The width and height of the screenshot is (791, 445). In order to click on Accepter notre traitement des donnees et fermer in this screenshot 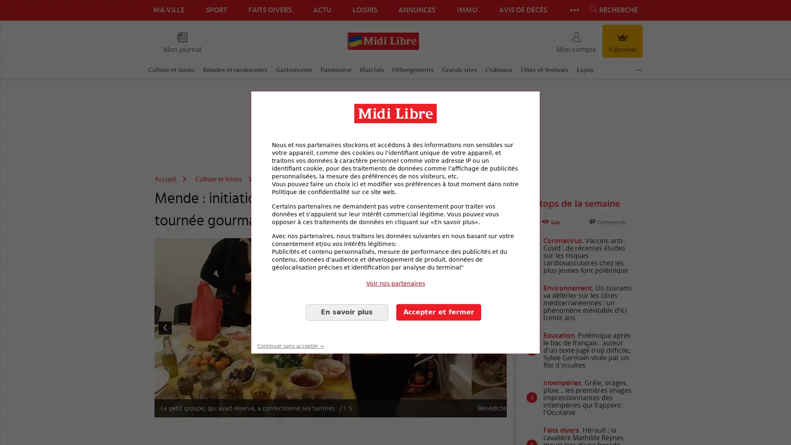, I will do `click(438, 312)`.